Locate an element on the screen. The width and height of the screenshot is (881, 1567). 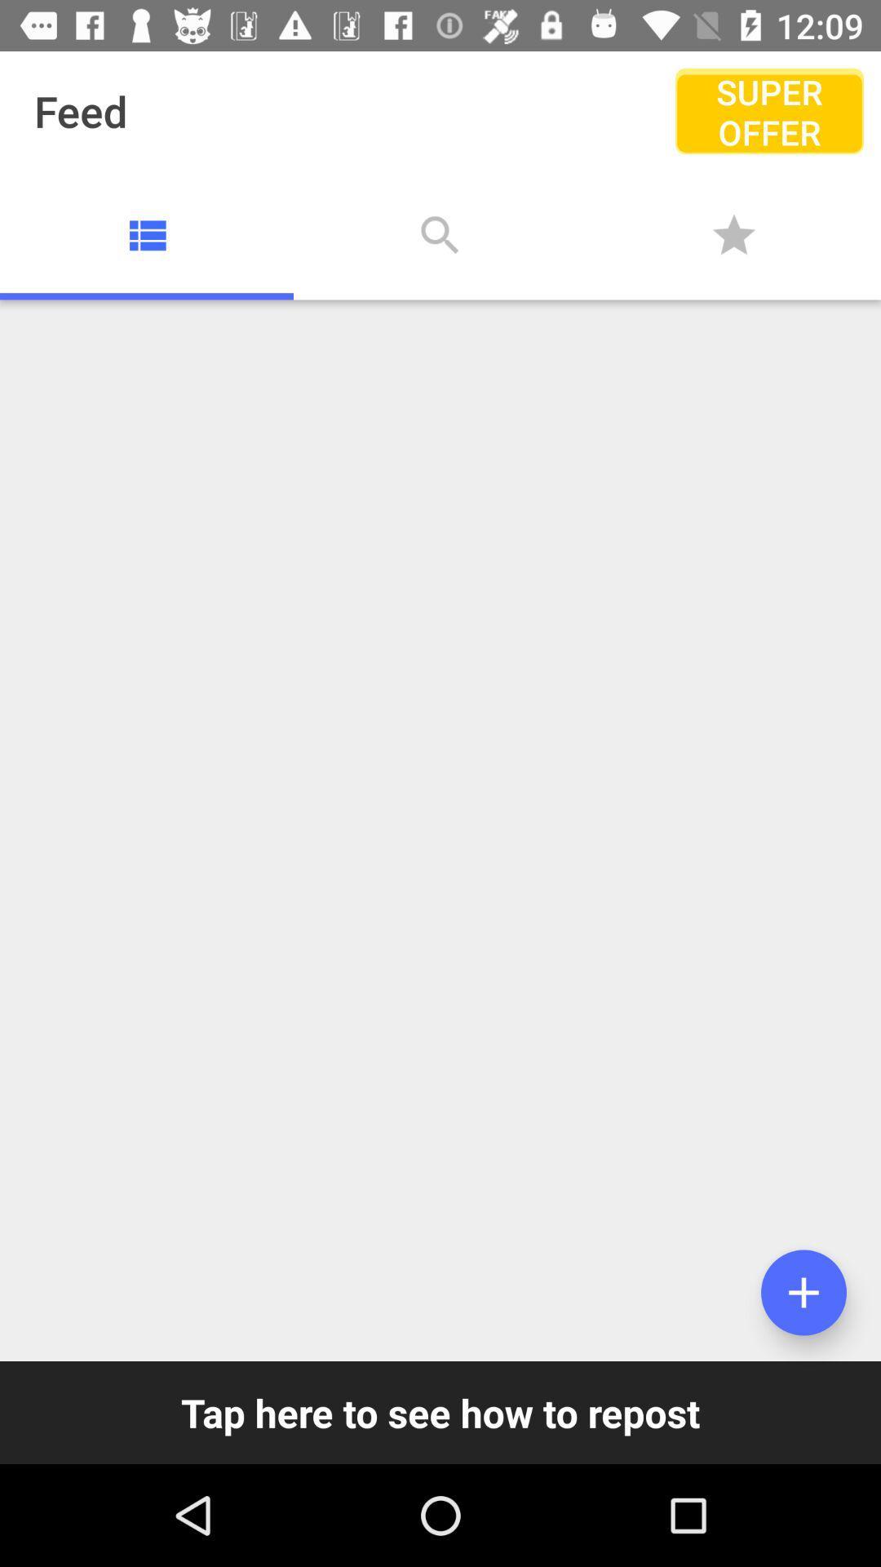
more is located at coordinates (803, 1292).